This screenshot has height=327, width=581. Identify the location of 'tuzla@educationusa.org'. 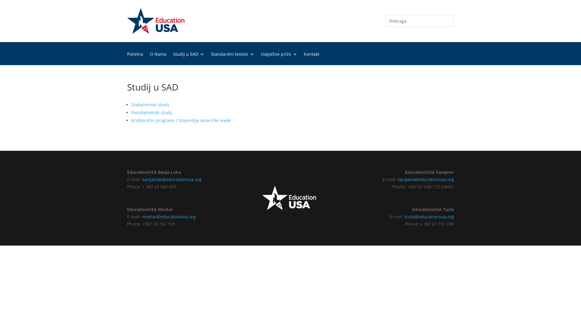
(405, 216).